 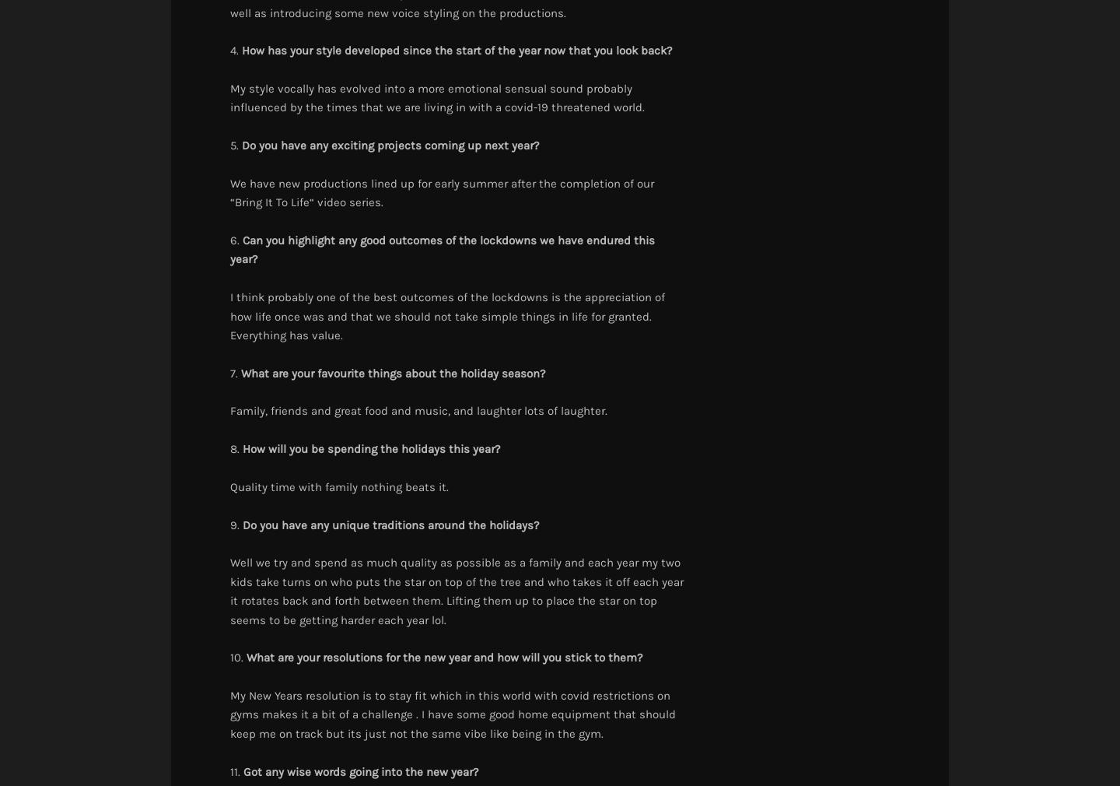 I want to click on '10.', so click(x=229, y=657).